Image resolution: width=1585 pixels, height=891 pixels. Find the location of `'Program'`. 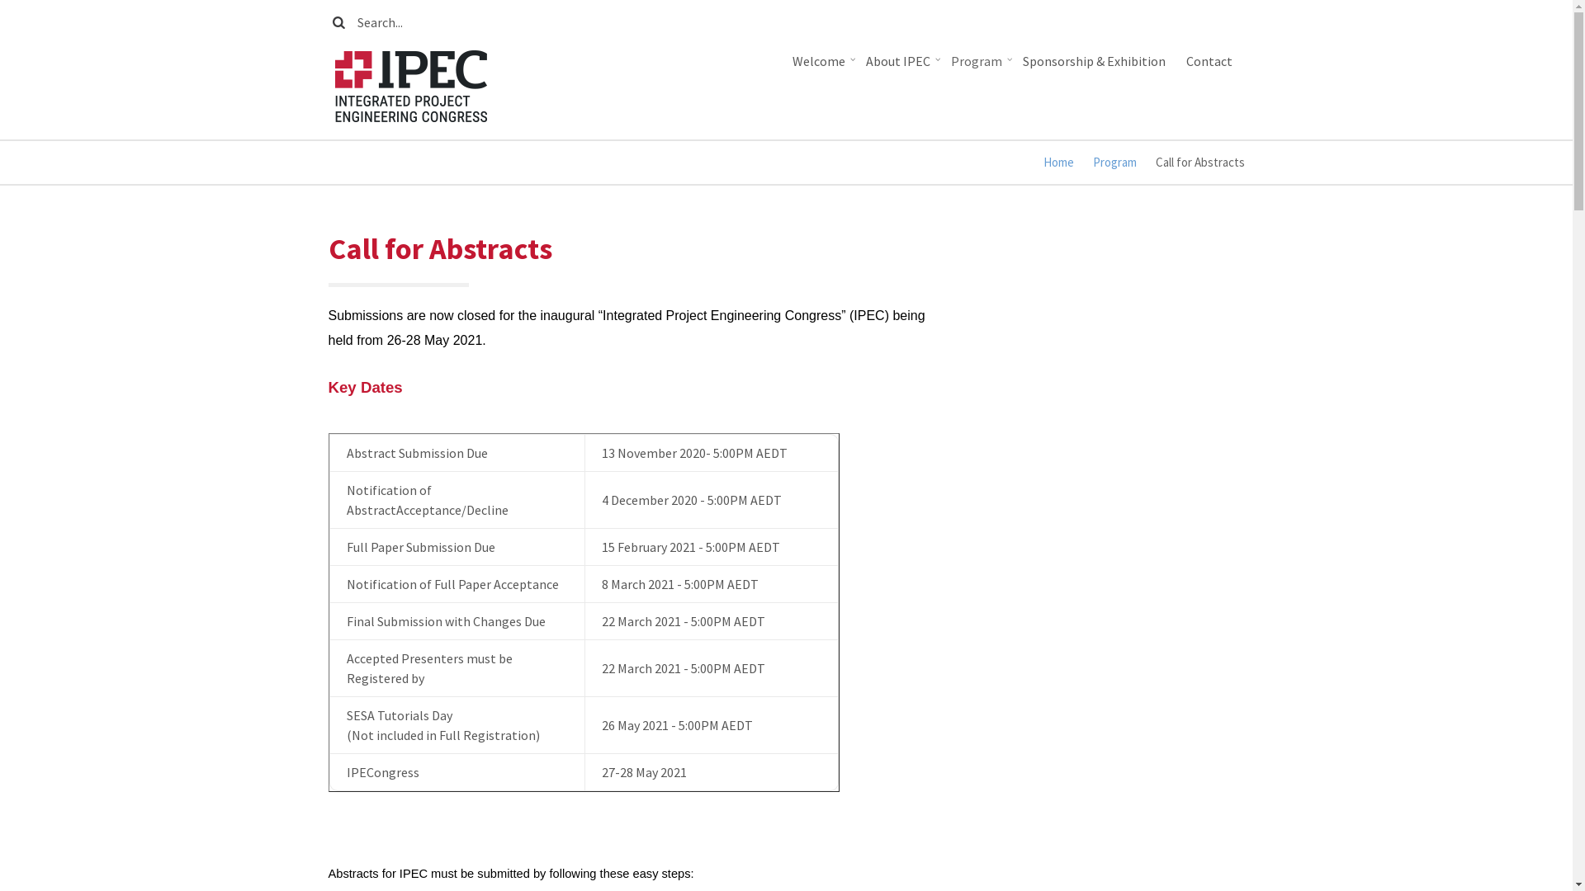

'Program' is located at coordinates (1093, 162).